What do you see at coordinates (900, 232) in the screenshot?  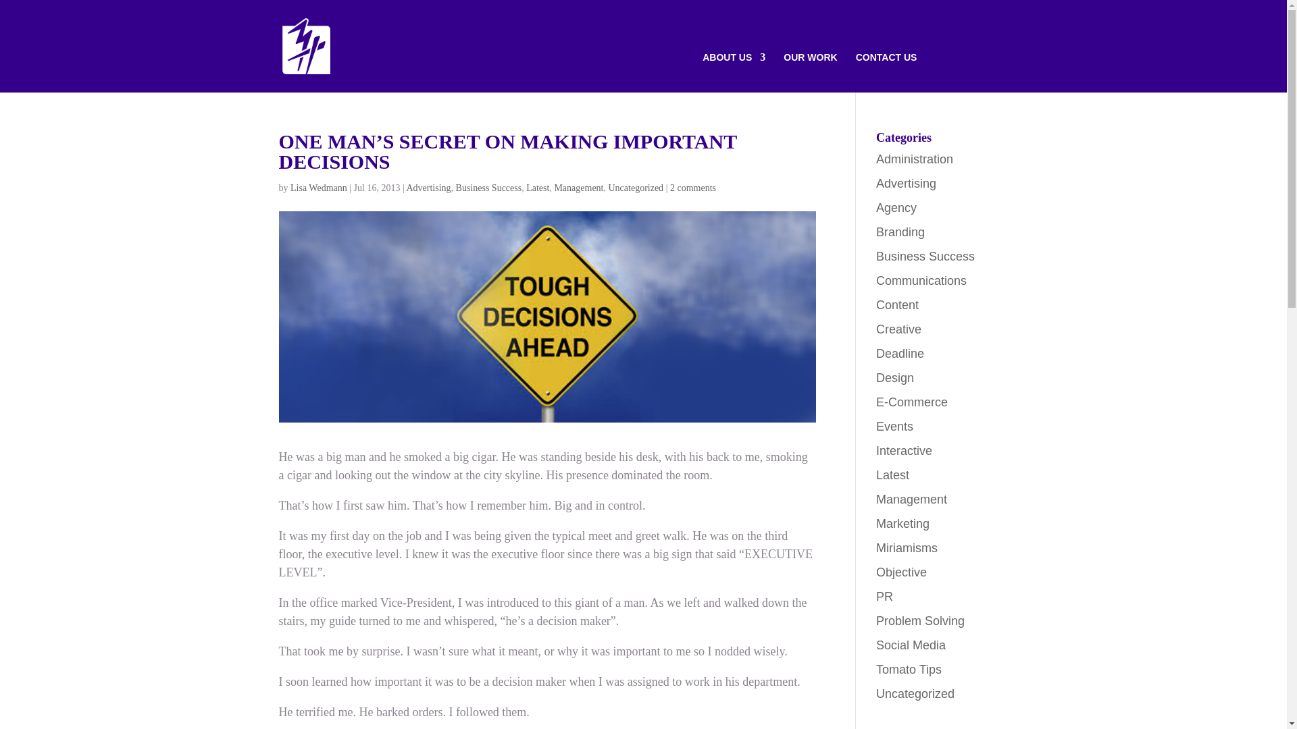 I see `'Branding'` at bounding box center [900, 232].